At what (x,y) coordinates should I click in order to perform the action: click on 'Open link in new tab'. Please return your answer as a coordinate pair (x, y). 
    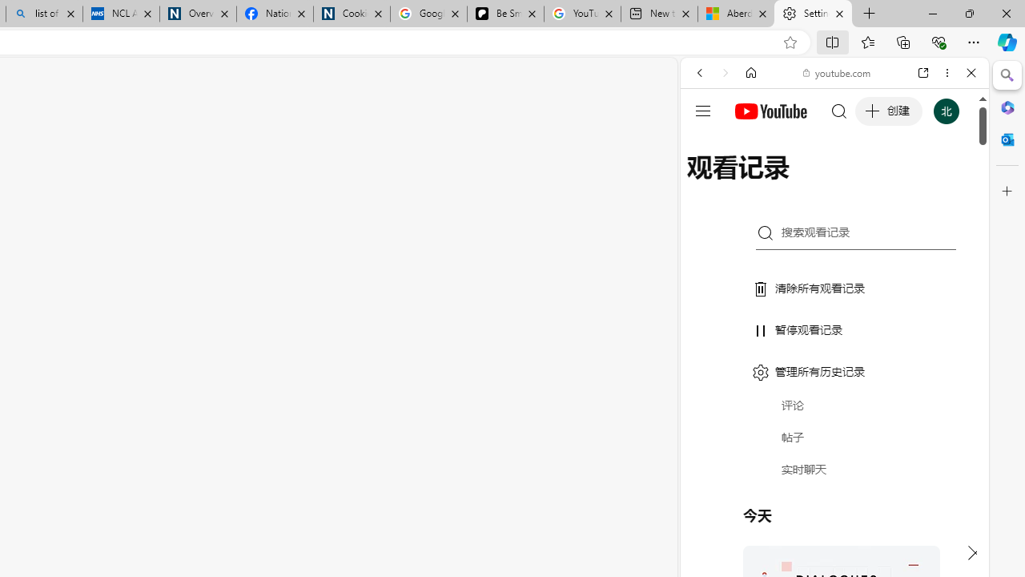
    Looking at the image, I should click on (923, 73).